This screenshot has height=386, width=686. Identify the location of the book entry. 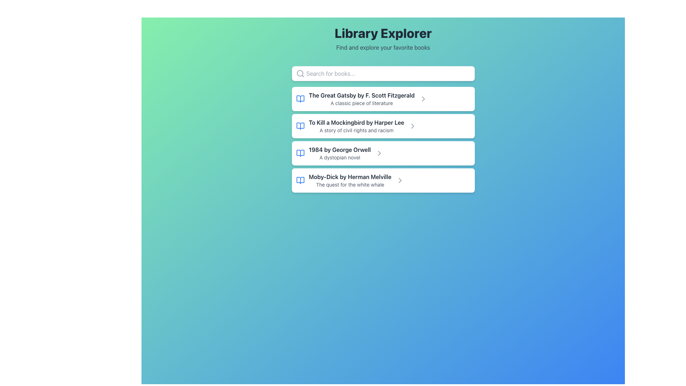
(339, 153).